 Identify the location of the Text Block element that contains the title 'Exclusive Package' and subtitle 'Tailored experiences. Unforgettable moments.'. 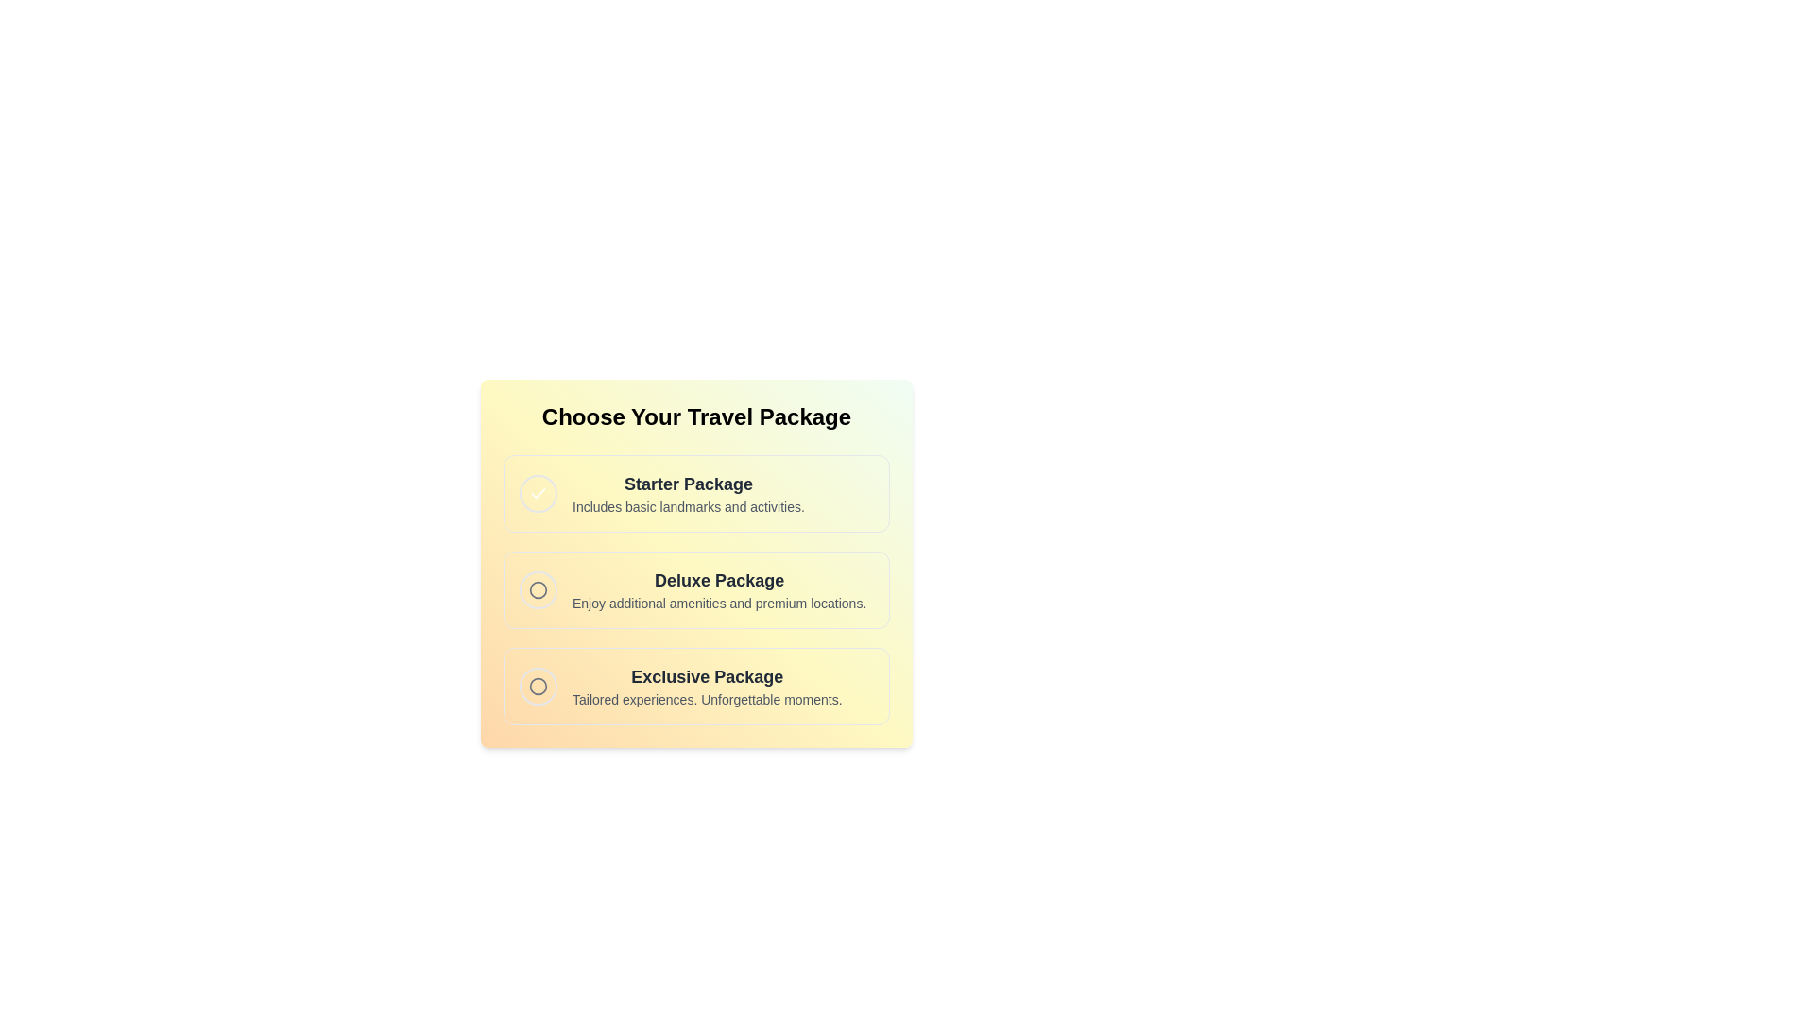
(706, 686).